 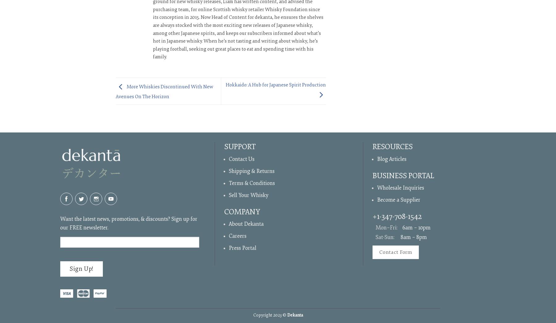 I want to click on 'Hokkaido: A Hub for Japanese Spirit Production', so click(x=276, y=85).